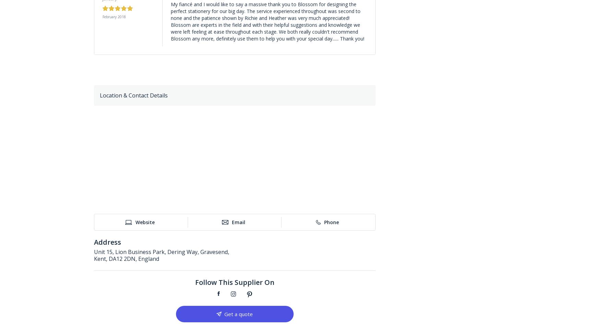 Image resolution: width=613 pixels, height=335 pixels. I want to click on 'Follow This Supplier On', so click(234, 282).